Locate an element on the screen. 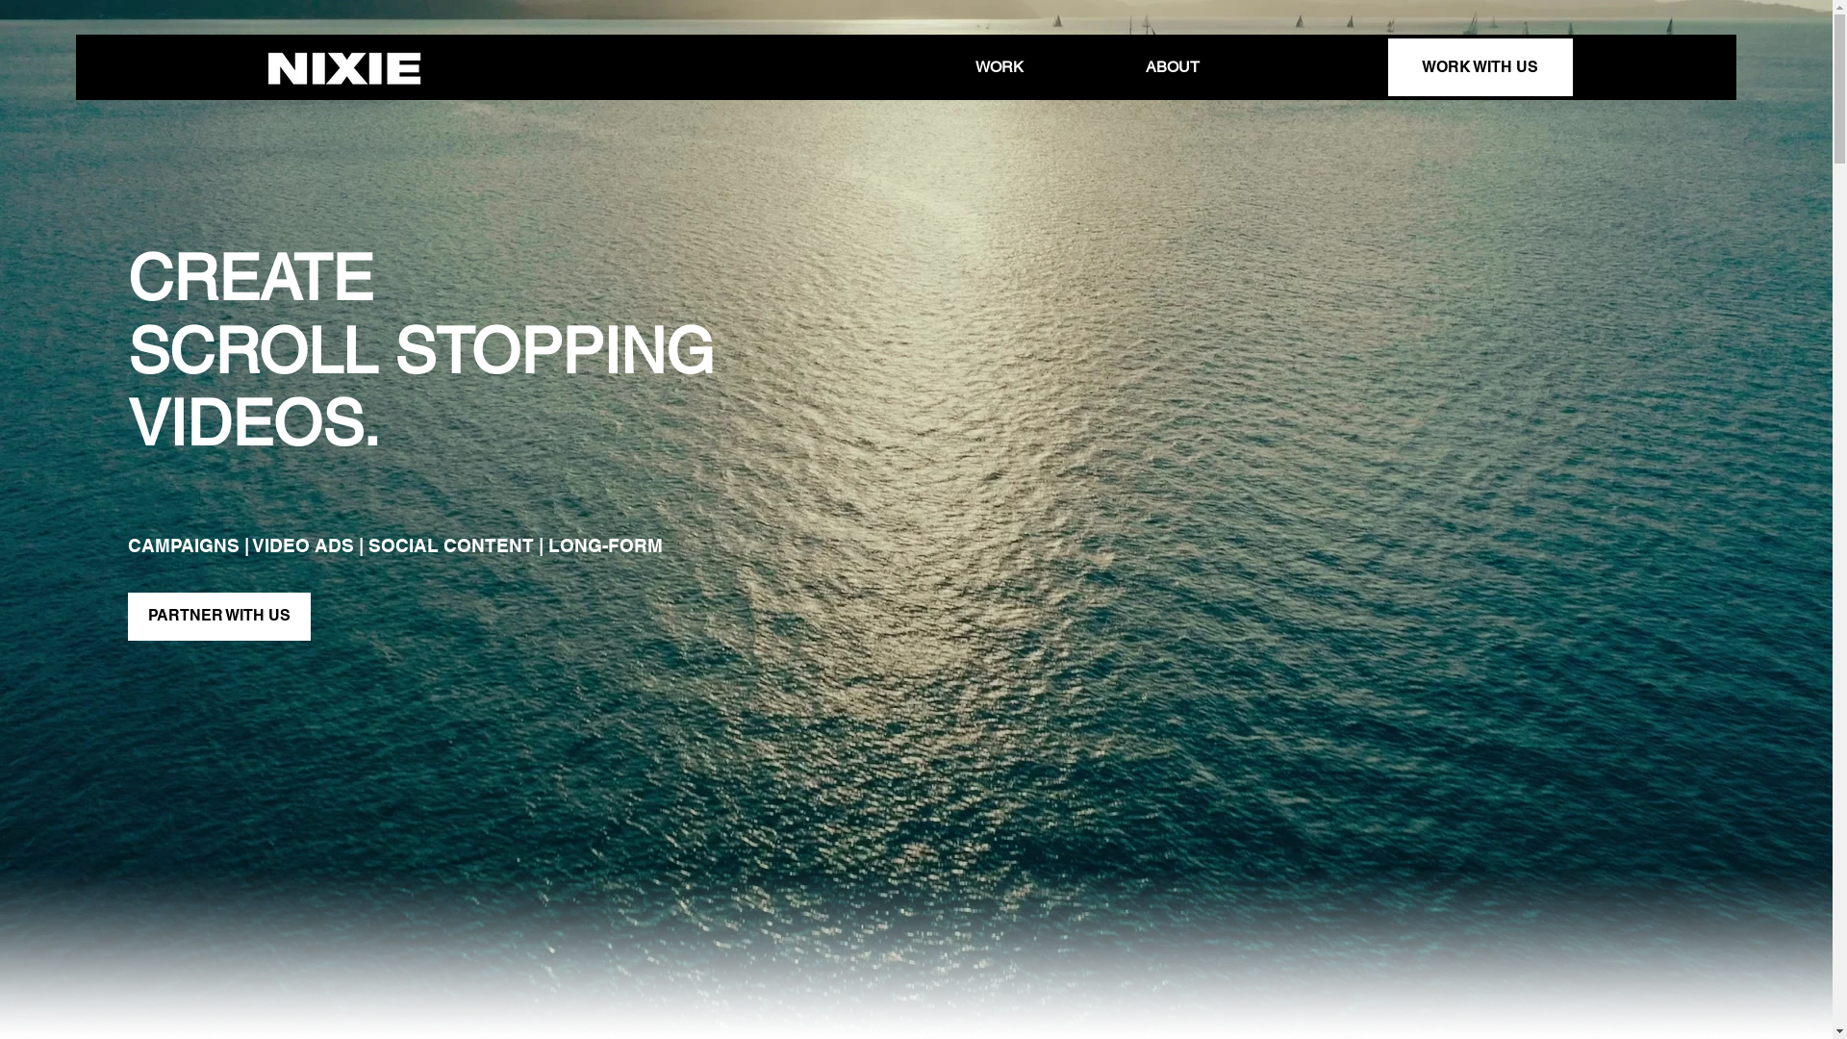 The image size is (1847, 1039). 'WORK WITH US' is located at coordinates (1386, 65).